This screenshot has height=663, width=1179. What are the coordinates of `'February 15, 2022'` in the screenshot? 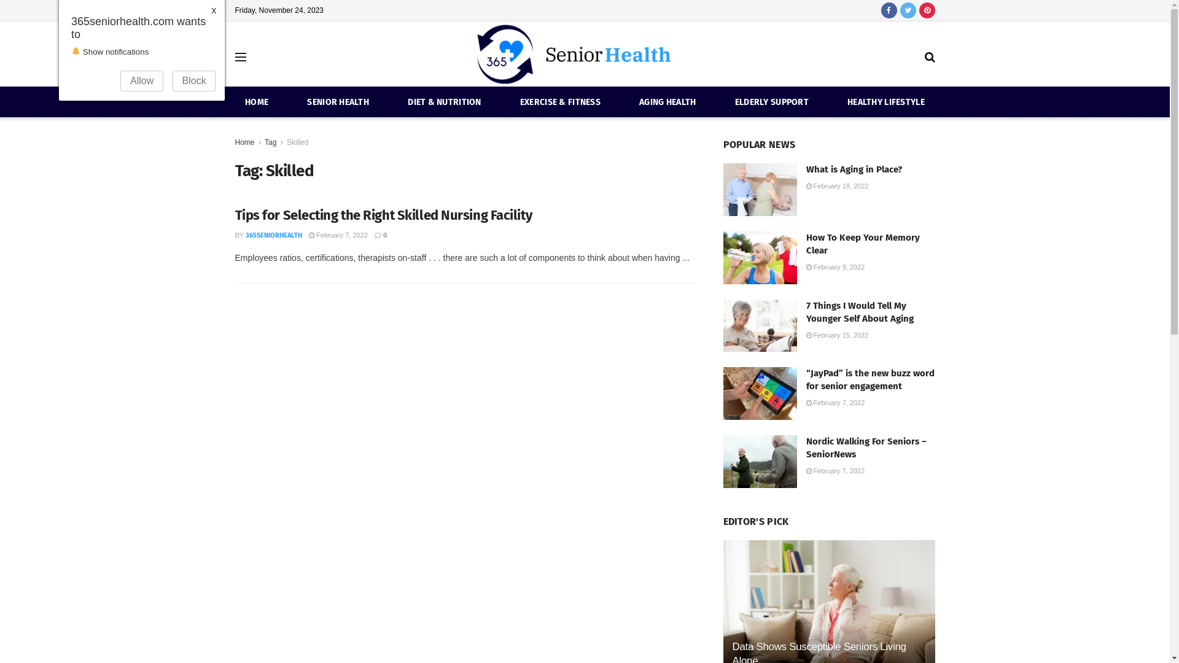 It's located at (836, 335).